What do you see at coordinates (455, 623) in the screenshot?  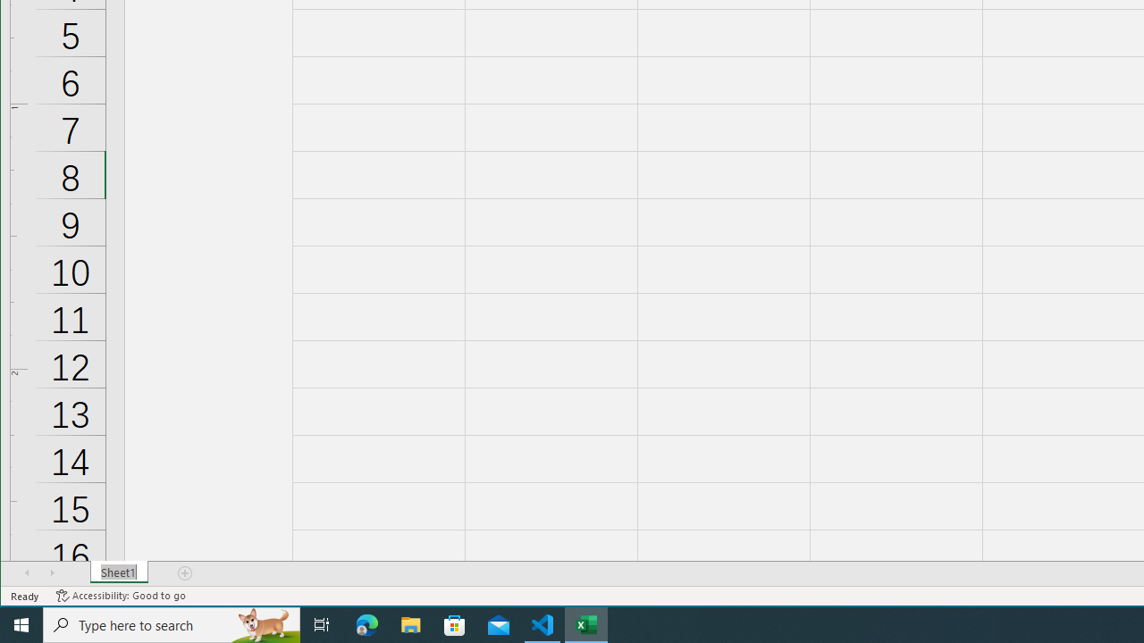 I see `'Microsoft Store'` at bounding box center [455, 623].